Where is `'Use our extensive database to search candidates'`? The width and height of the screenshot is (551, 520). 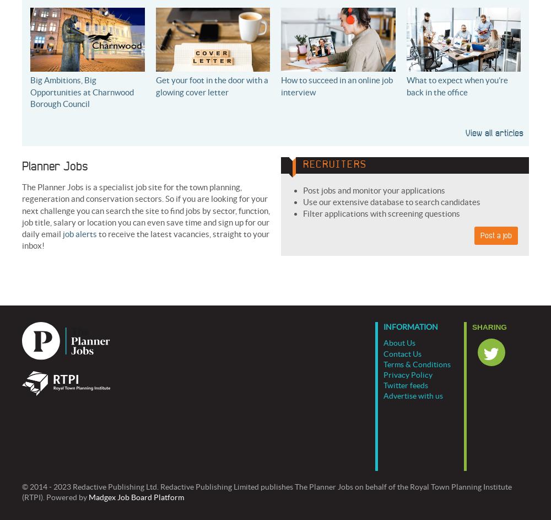
'Use our extensive database to search candidates' is located at coordinates (391, 202).